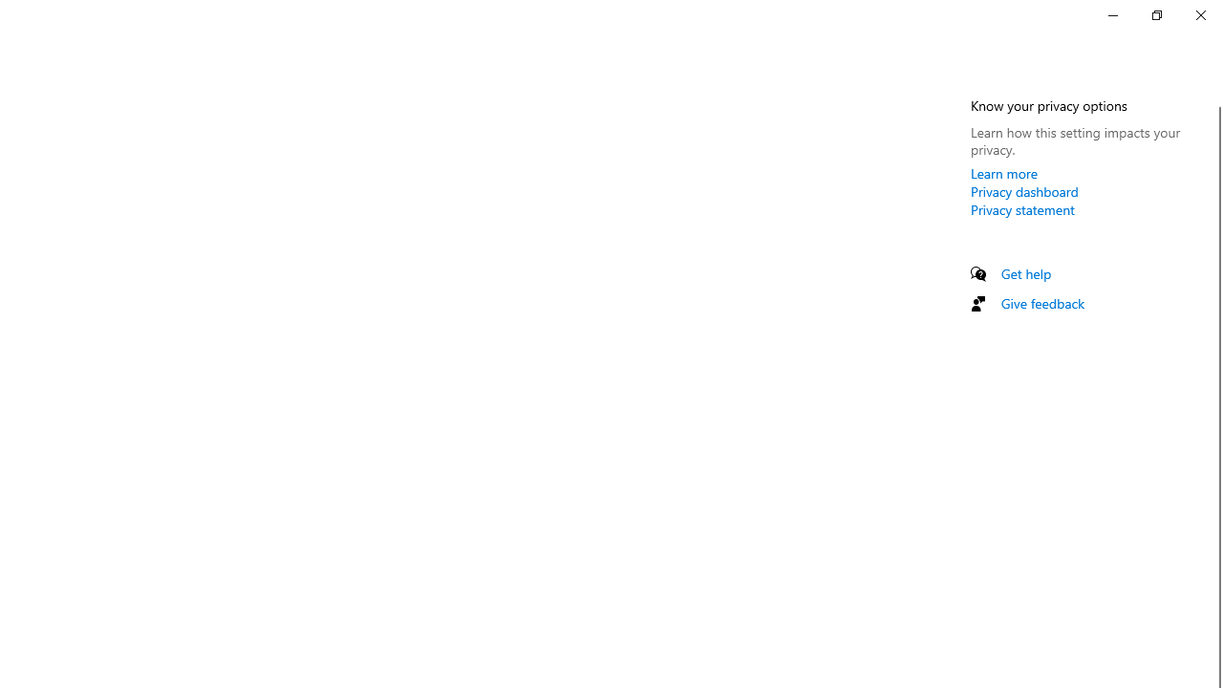  I want to click on 'Close Settings', so click(1199, 14).